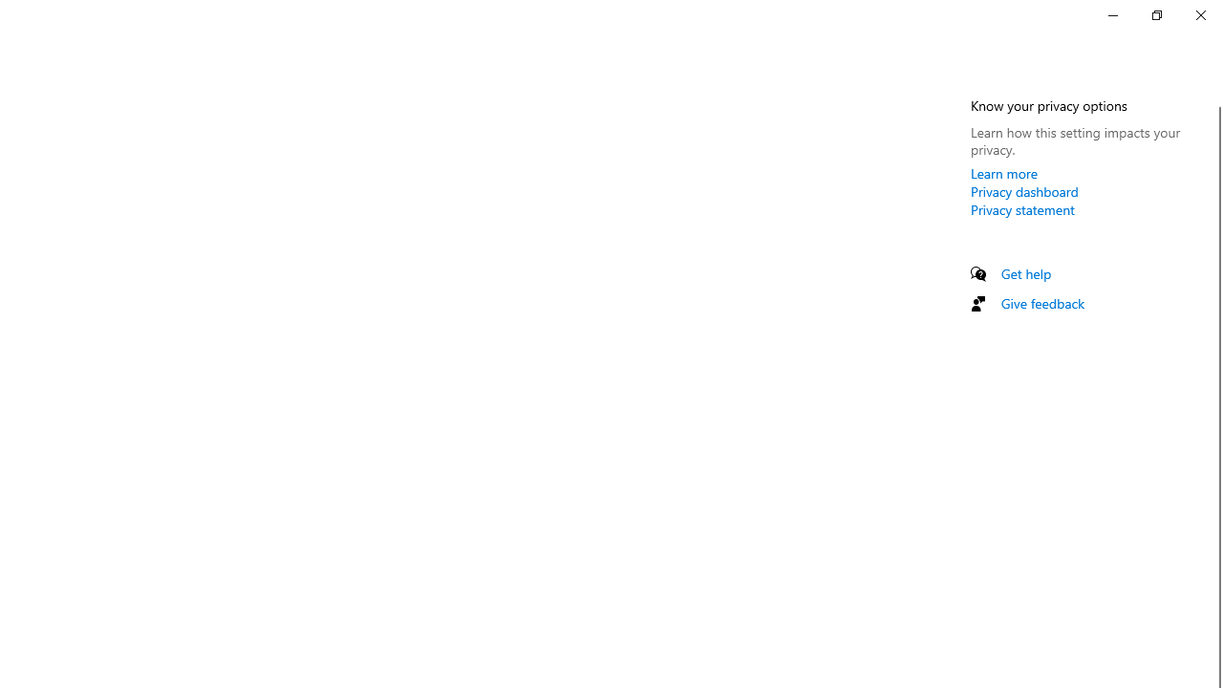  I want to click on 'Close Settings', so click(1199, 14).